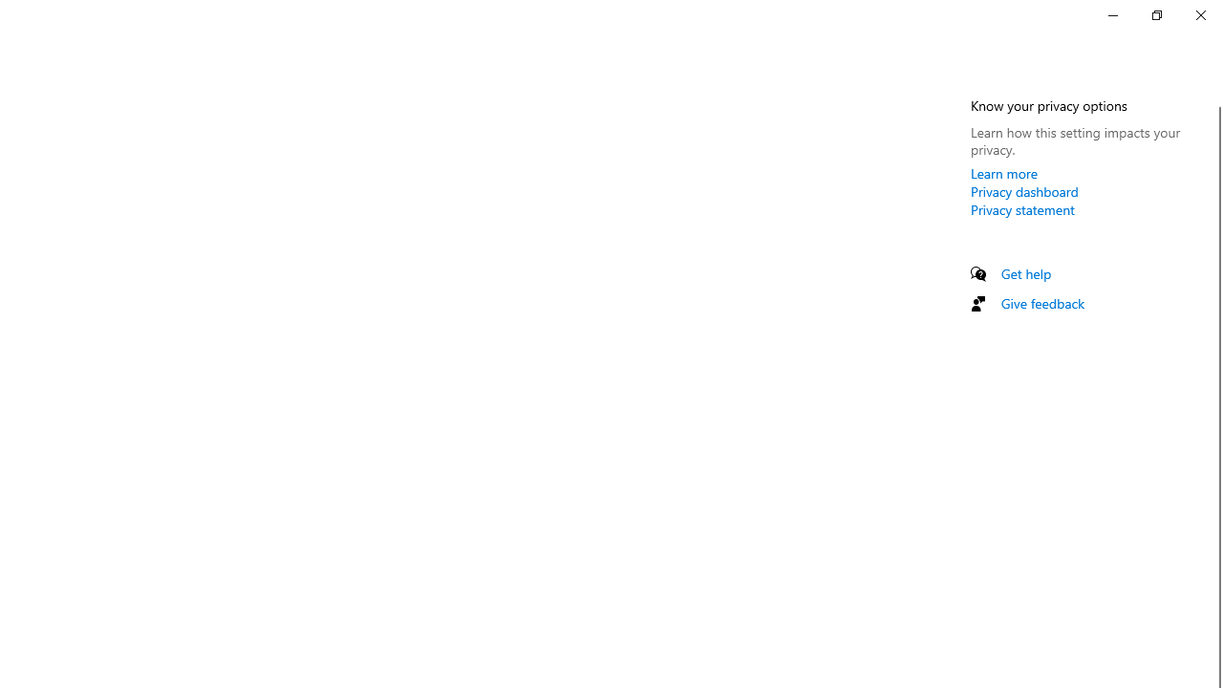  I want to click on 'Close Settings', so click(1199, 14).